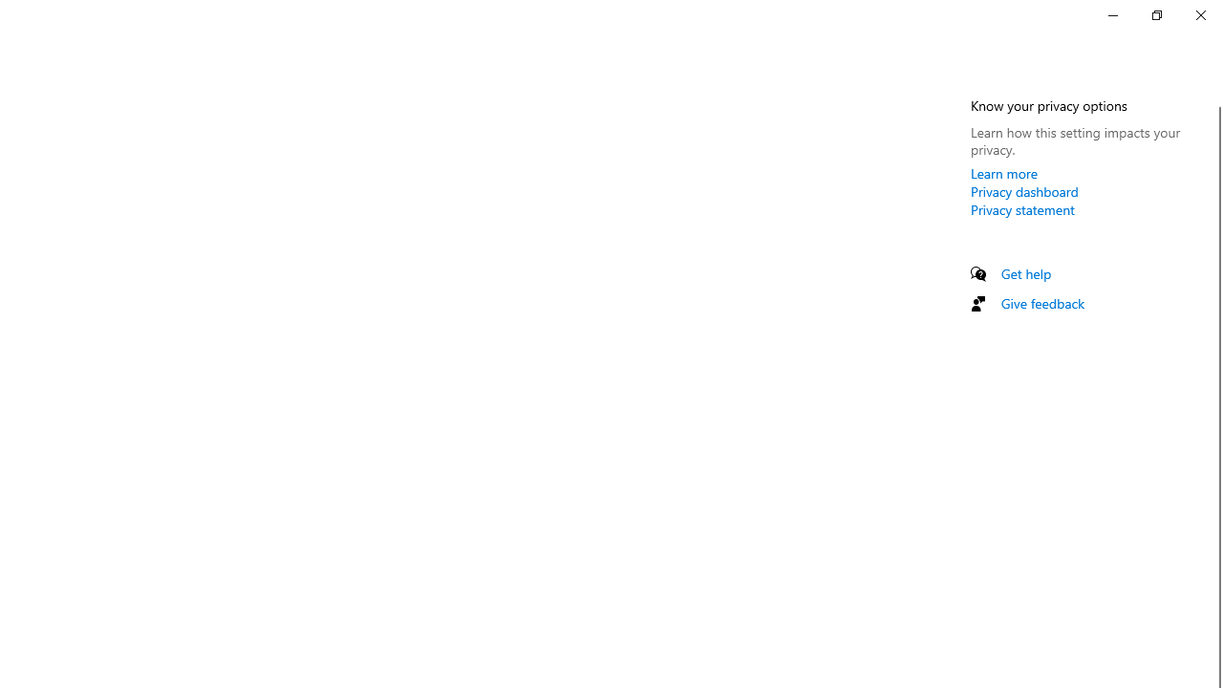  I want to click on 'Close Settings', so click(1199, 14).